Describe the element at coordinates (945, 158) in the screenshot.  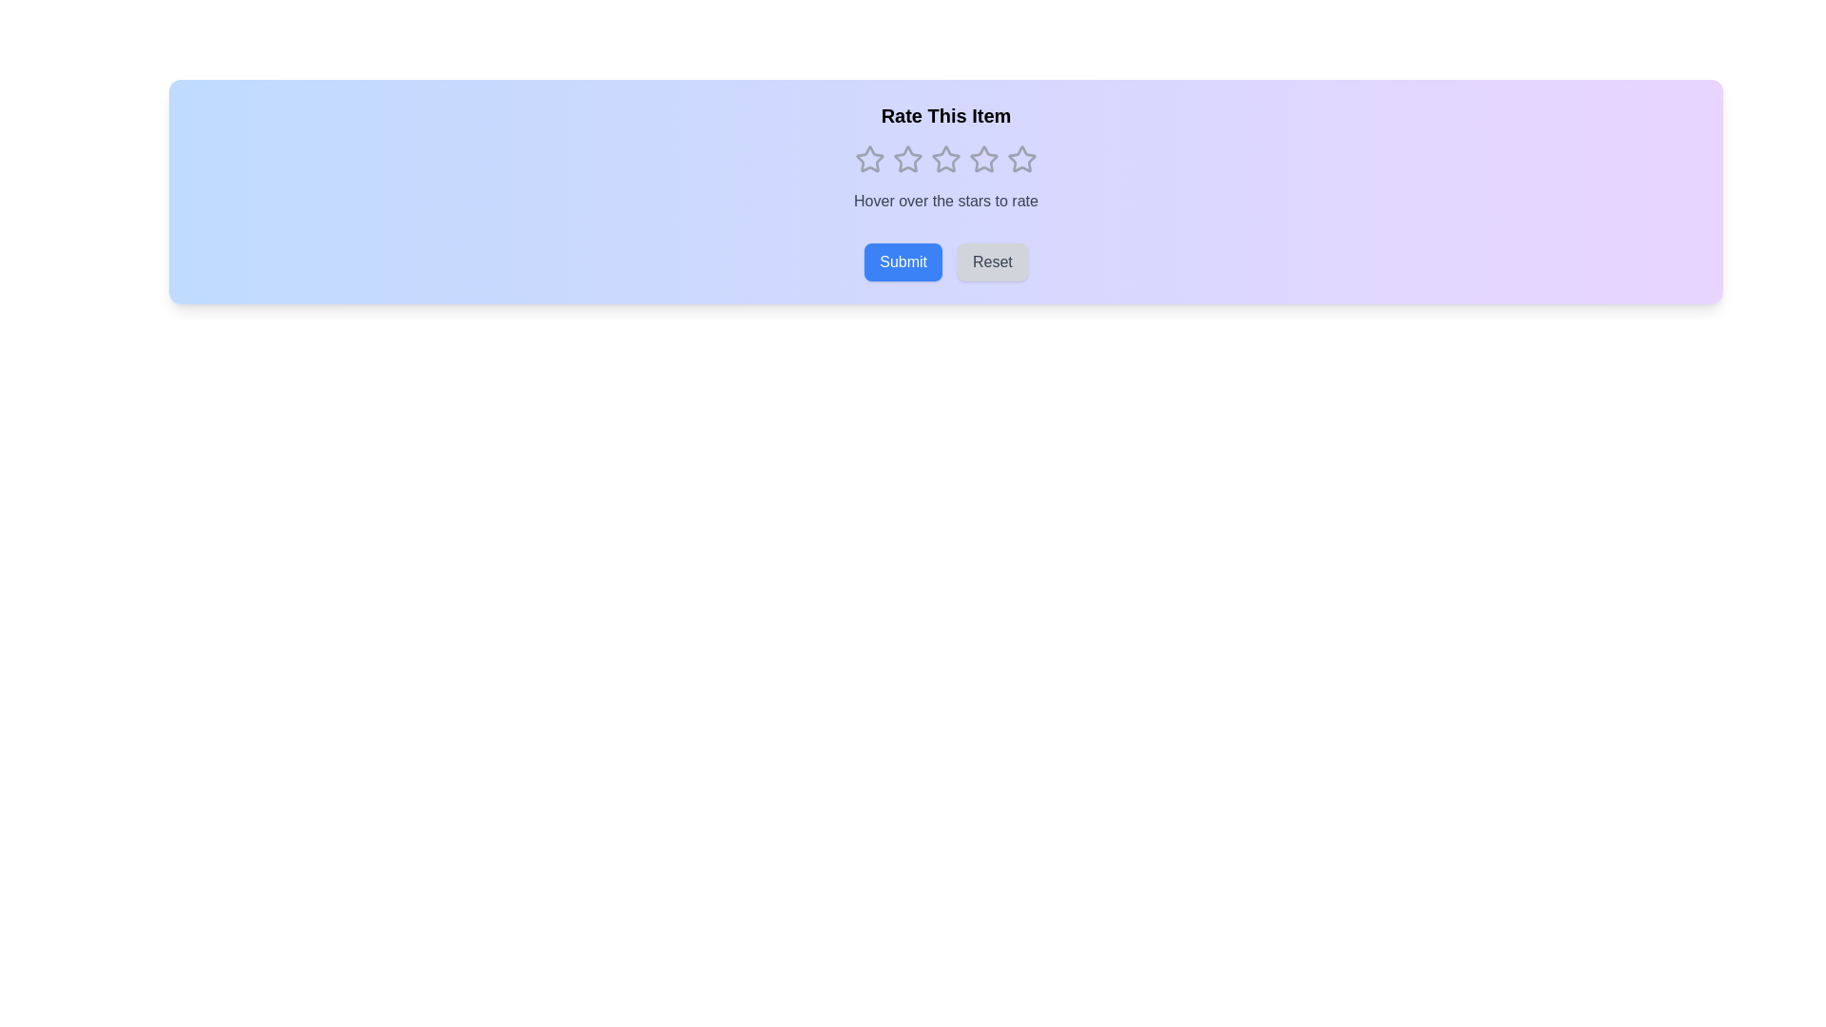
I see `the second star in the rating system` at that location.